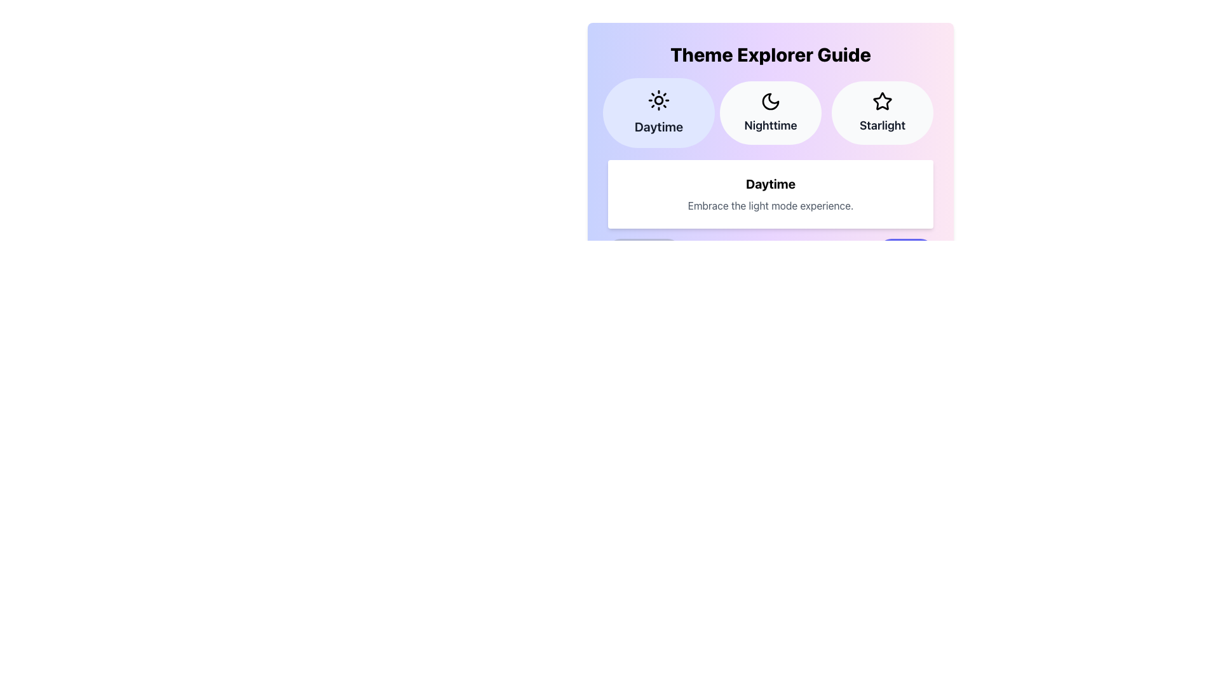 The width and height of the screenshot is (1220, 686). Describe the element at coordinates (658, 112) in the screenshot. I see `the rounded indigo button labeled 'Daytime' with a sun icon` at that location.